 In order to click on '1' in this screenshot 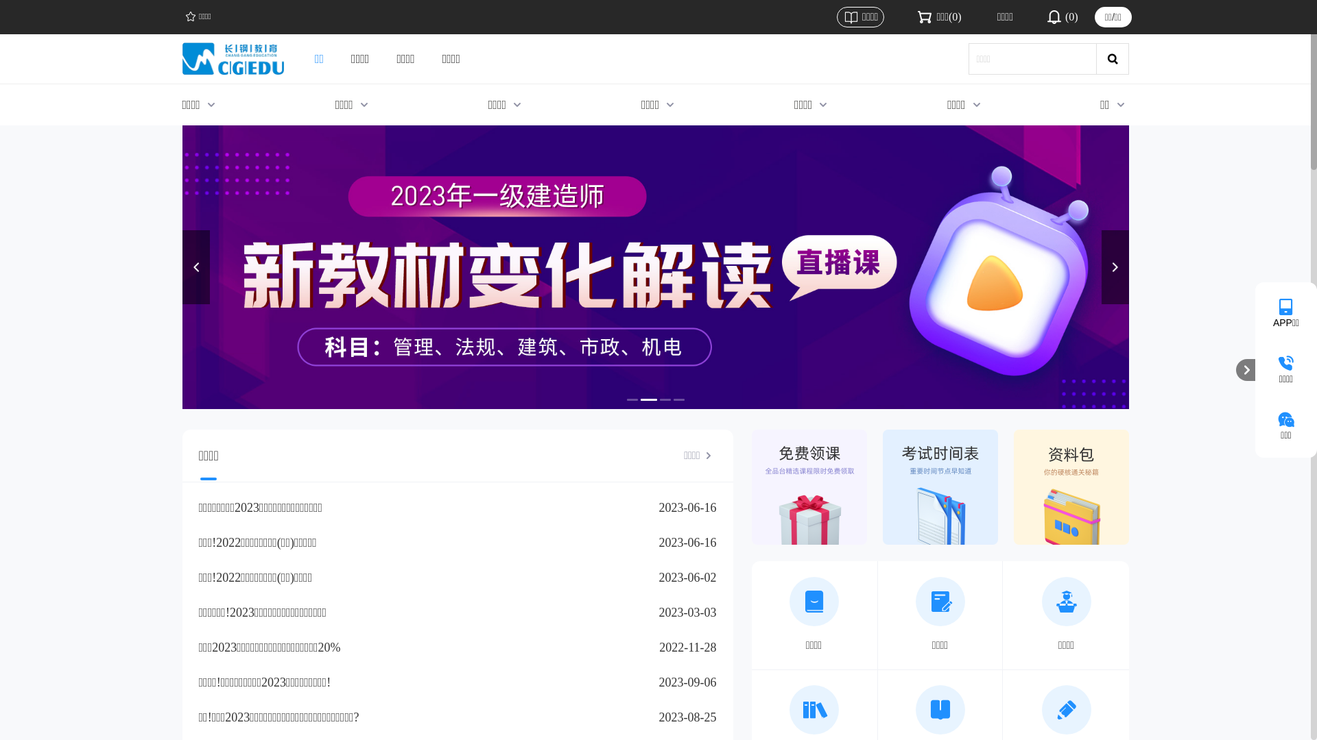, I will do `click(631, 399)`.